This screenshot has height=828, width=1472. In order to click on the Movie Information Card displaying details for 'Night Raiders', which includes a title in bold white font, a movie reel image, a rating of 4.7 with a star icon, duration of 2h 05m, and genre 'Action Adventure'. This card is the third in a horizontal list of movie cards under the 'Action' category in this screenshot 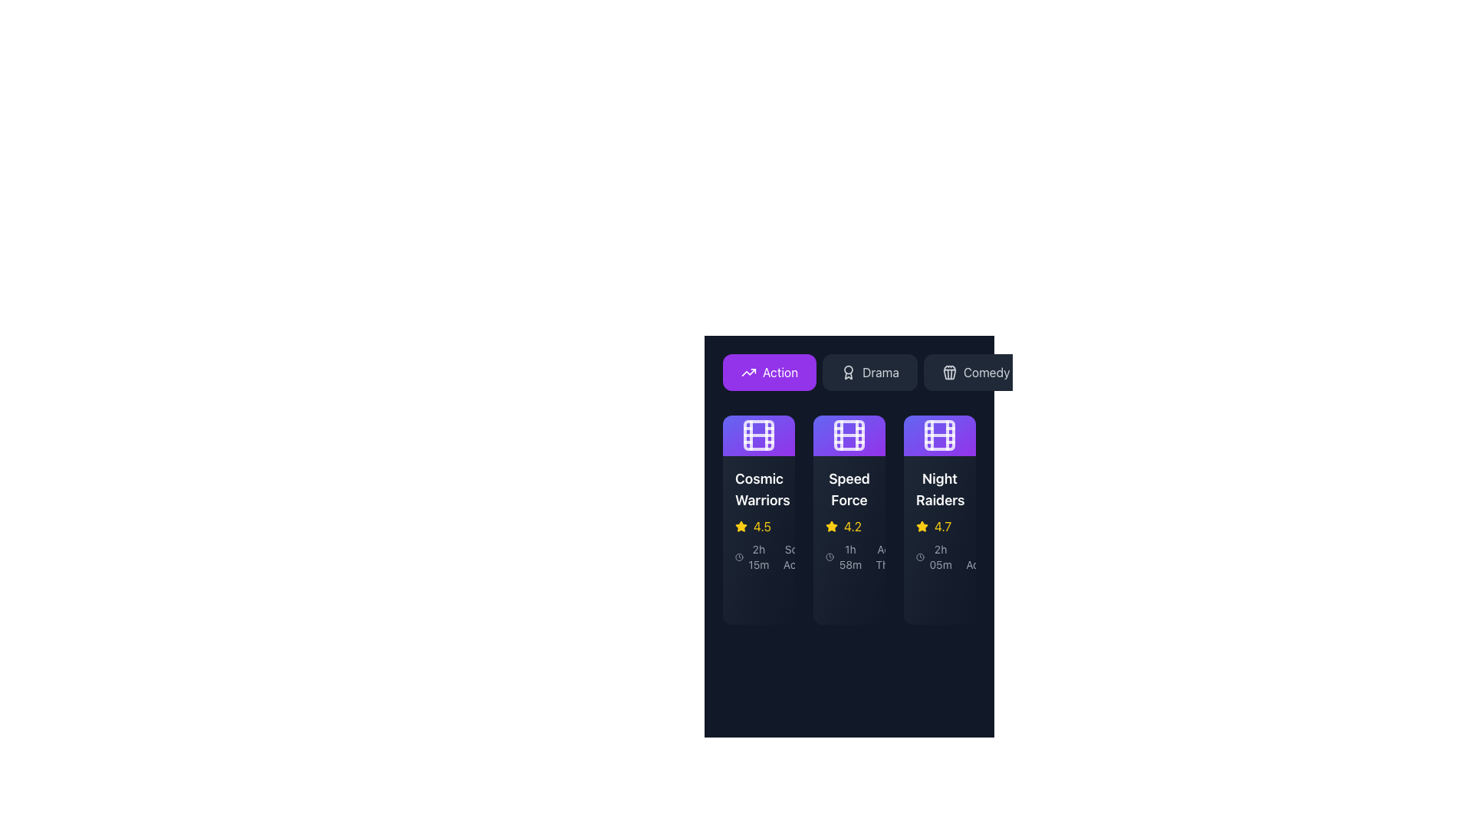, I will do `click(938, 519)`.